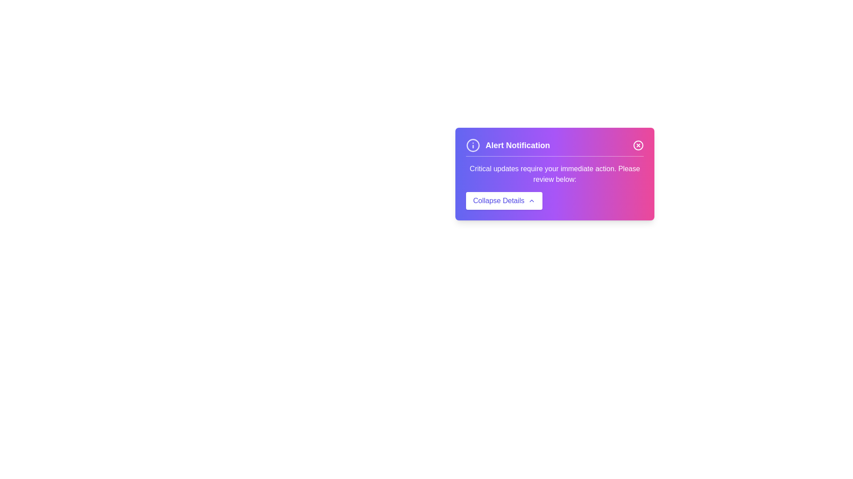  Describe the element at coordinates (466, 164) in the screenshot. I see `the text 'Critical updates require your immediate action.' by dragging the mouse cursor over it` at that location.